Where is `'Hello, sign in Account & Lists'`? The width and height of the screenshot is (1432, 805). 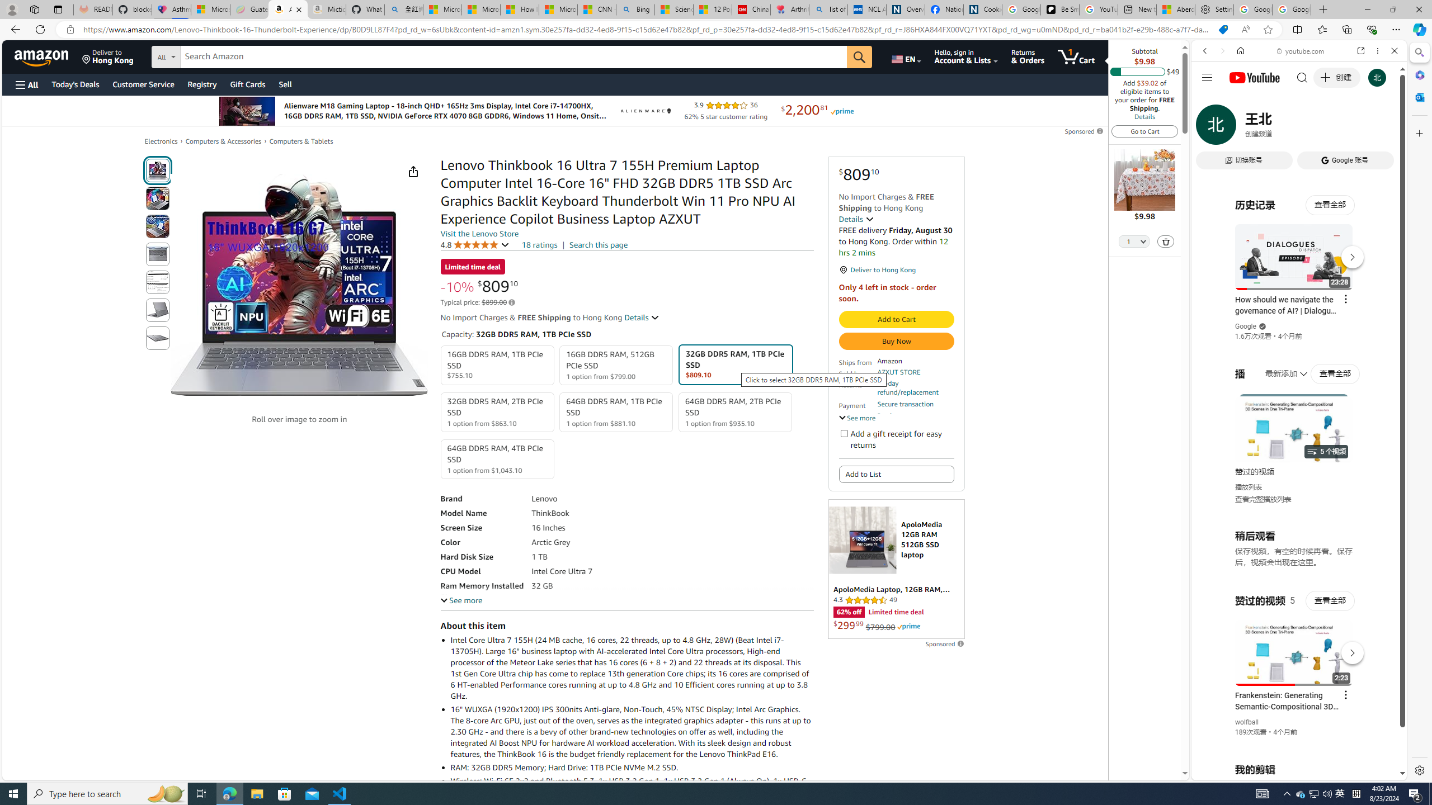 'Hello, sign in Account & Lists' is located at coordinates (967, 56).